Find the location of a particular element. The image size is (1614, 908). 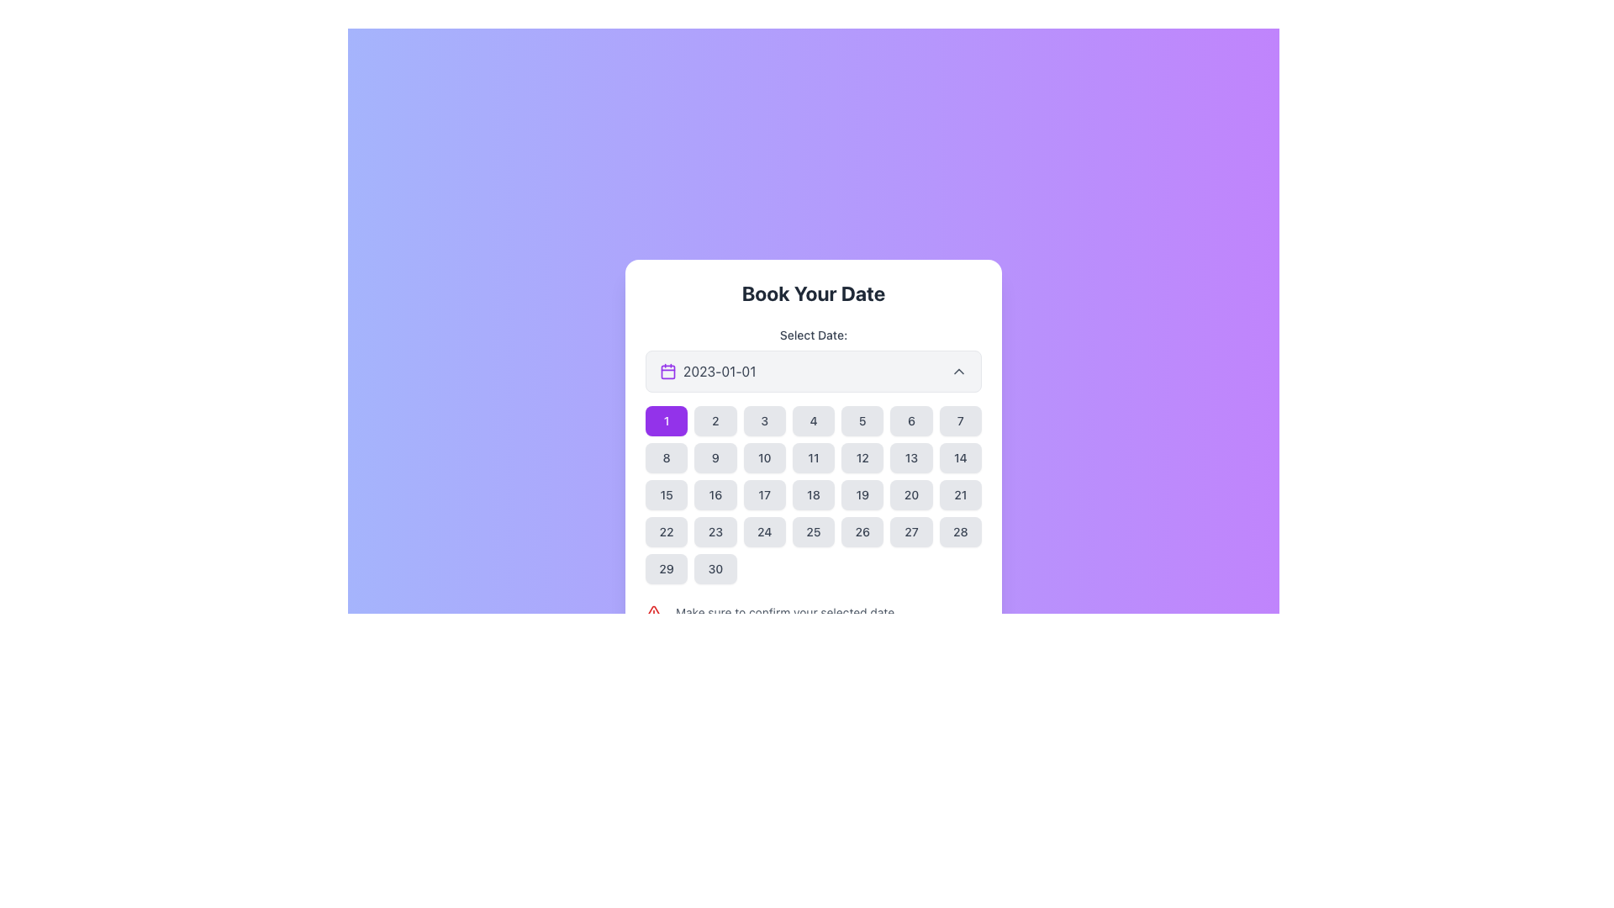

the button representing the first day of the month in the date selection interface is located at coordinates (666, 420).